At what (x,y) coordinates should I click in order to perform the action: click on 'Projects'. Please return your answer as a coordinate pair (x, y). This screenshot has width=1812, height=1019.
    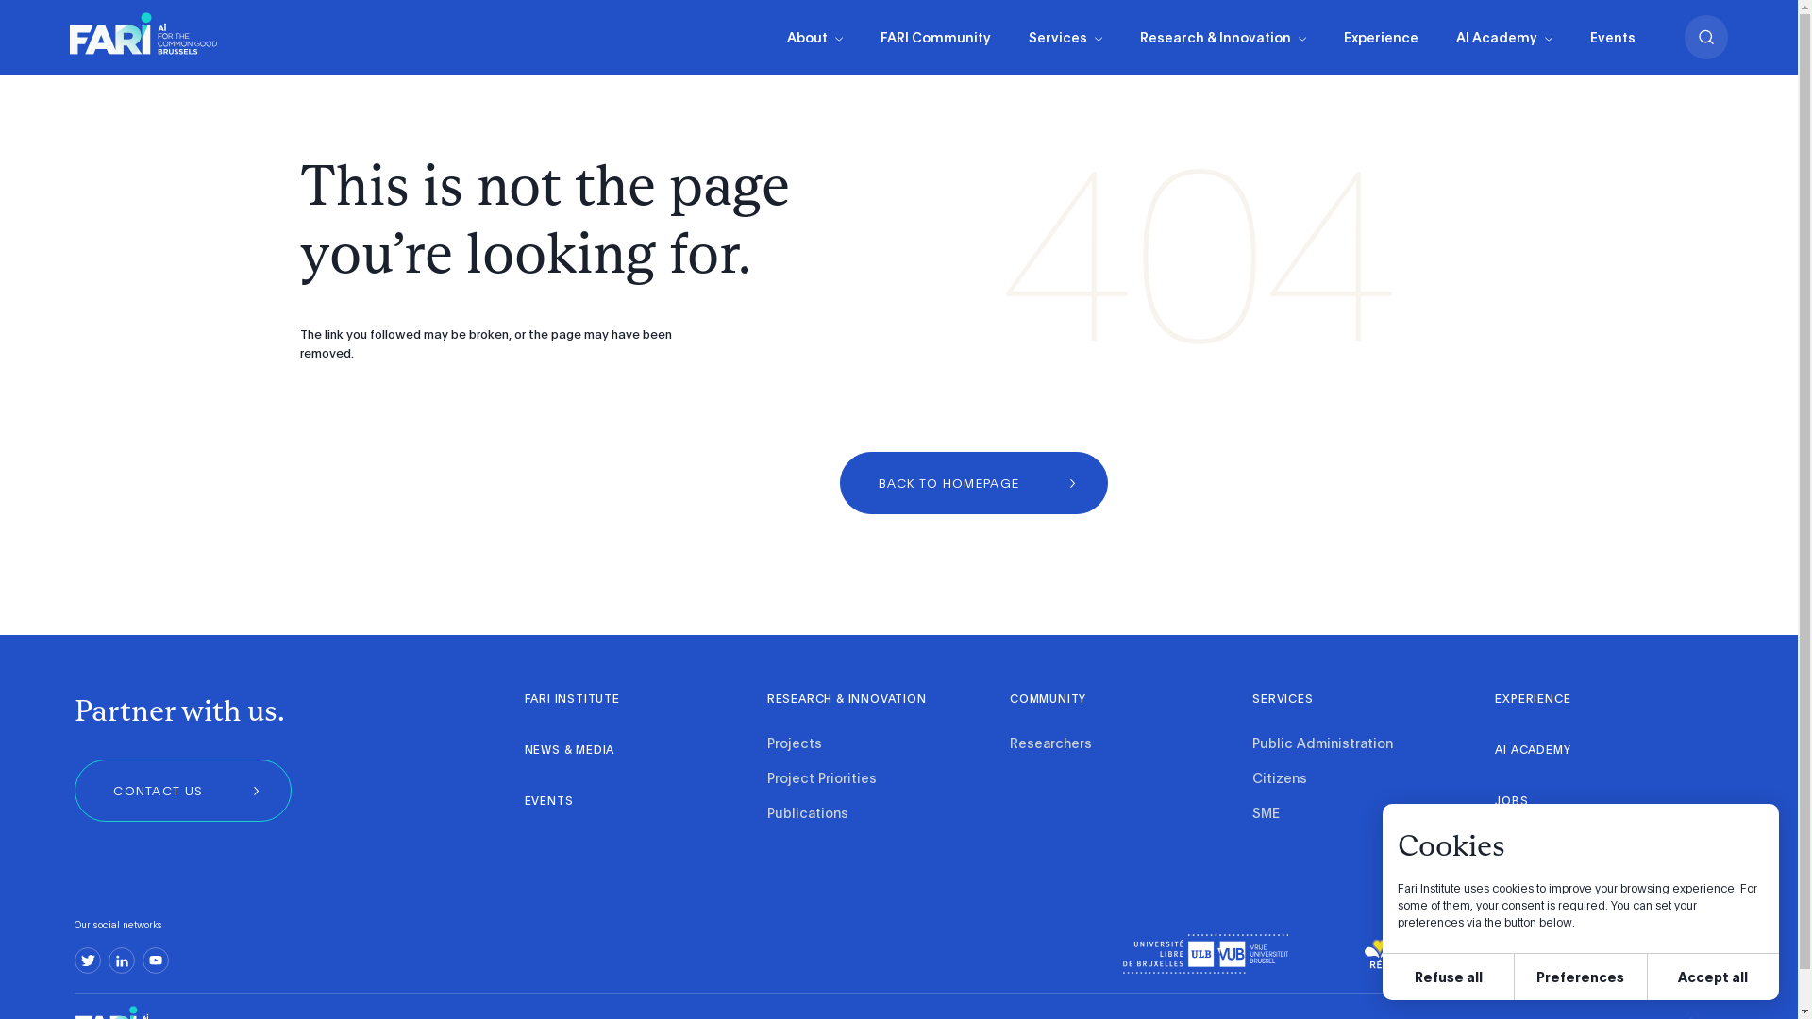
    Looking at the image, I should click on (794, 743).